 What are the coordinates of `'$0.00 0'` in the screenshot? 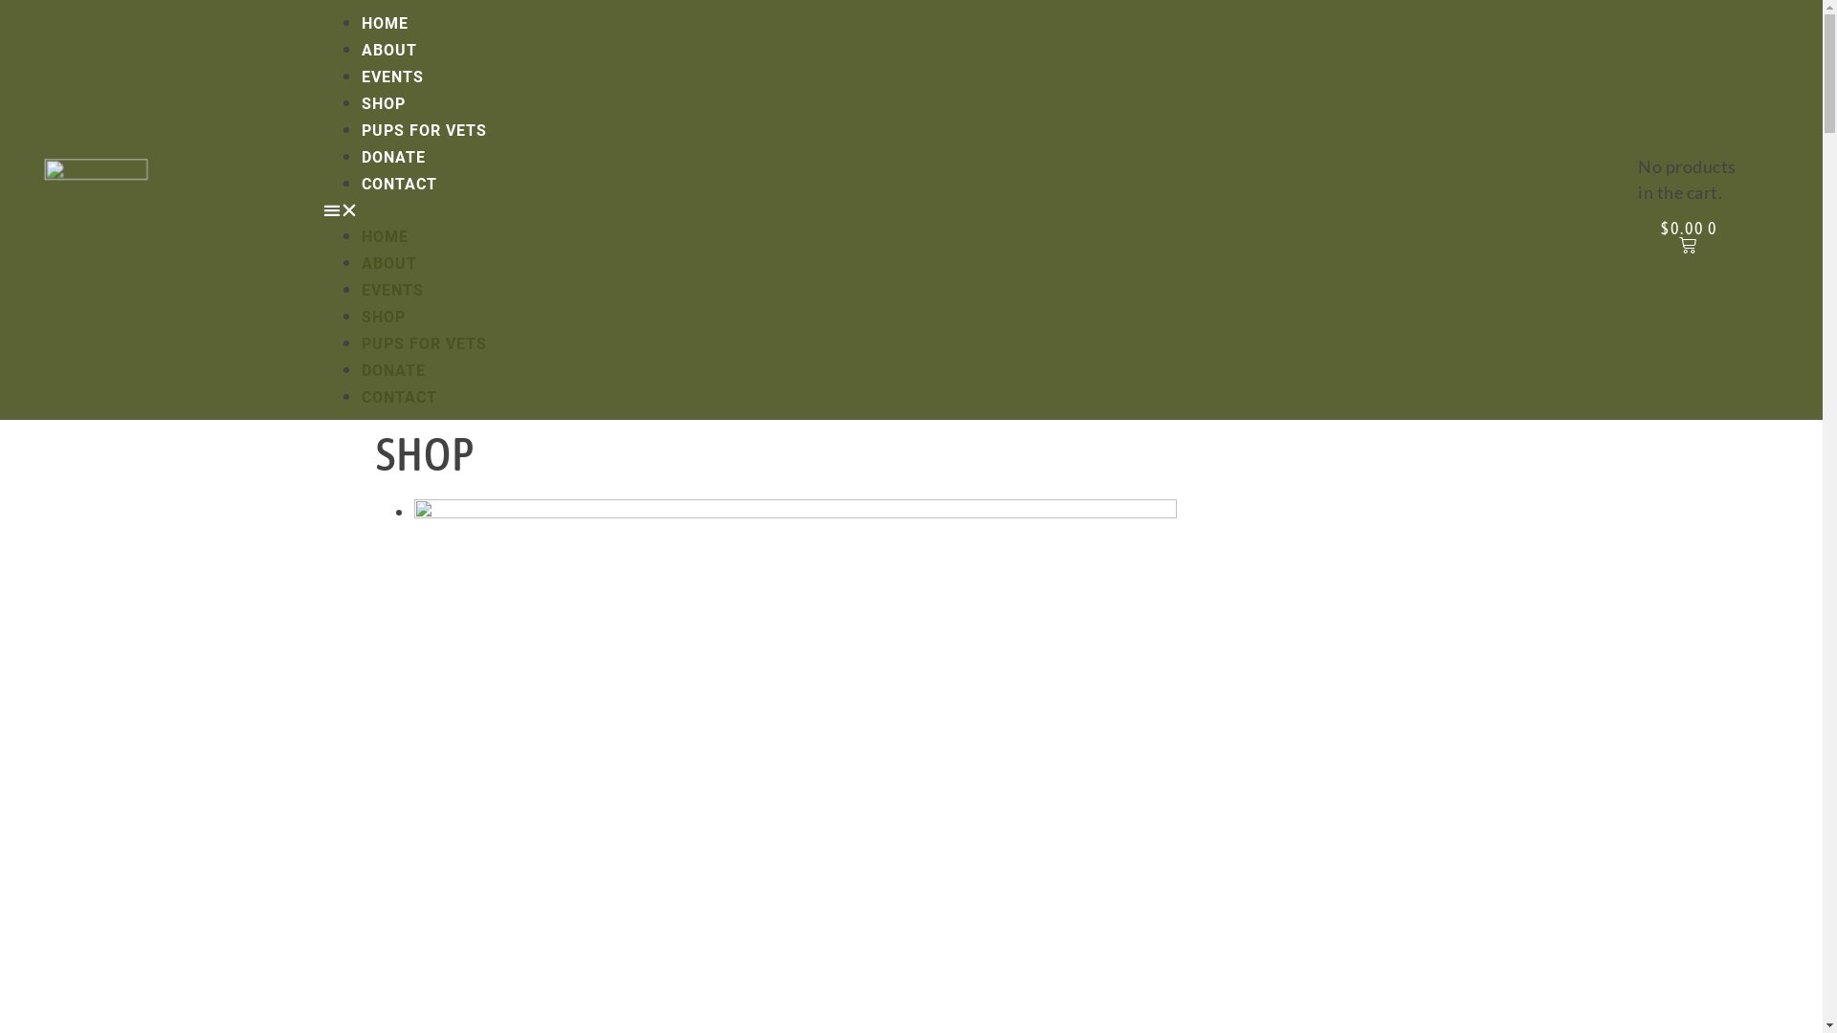 It's located at (1689, 235).